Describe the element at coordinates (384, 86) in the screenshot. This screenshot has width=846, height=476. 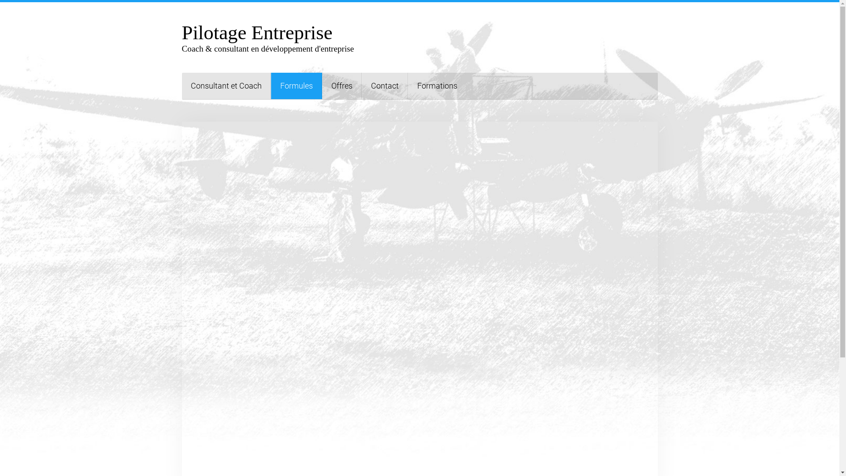
I see `'Contact'` at that location.